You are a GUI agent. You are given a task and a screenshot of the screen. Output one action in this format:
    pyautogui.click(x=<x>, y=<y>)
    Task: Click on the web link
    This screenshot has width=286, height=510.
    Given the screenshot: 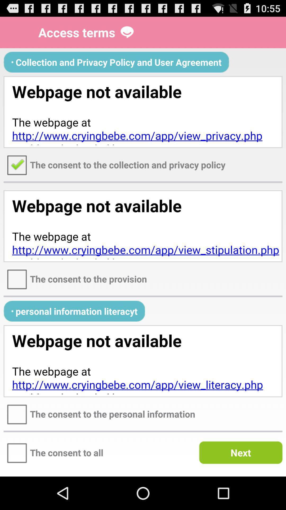 What is the action you would take?
    pyautogui.click(x=143, y=361)
    